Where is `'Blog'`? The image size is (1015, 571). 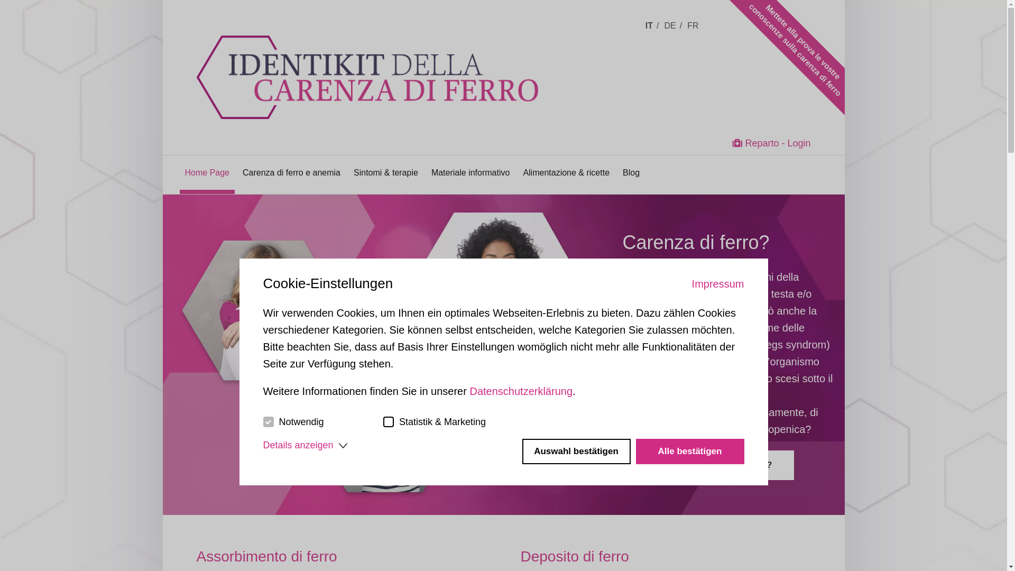
'Blog' is located at coordinates (622, 172).